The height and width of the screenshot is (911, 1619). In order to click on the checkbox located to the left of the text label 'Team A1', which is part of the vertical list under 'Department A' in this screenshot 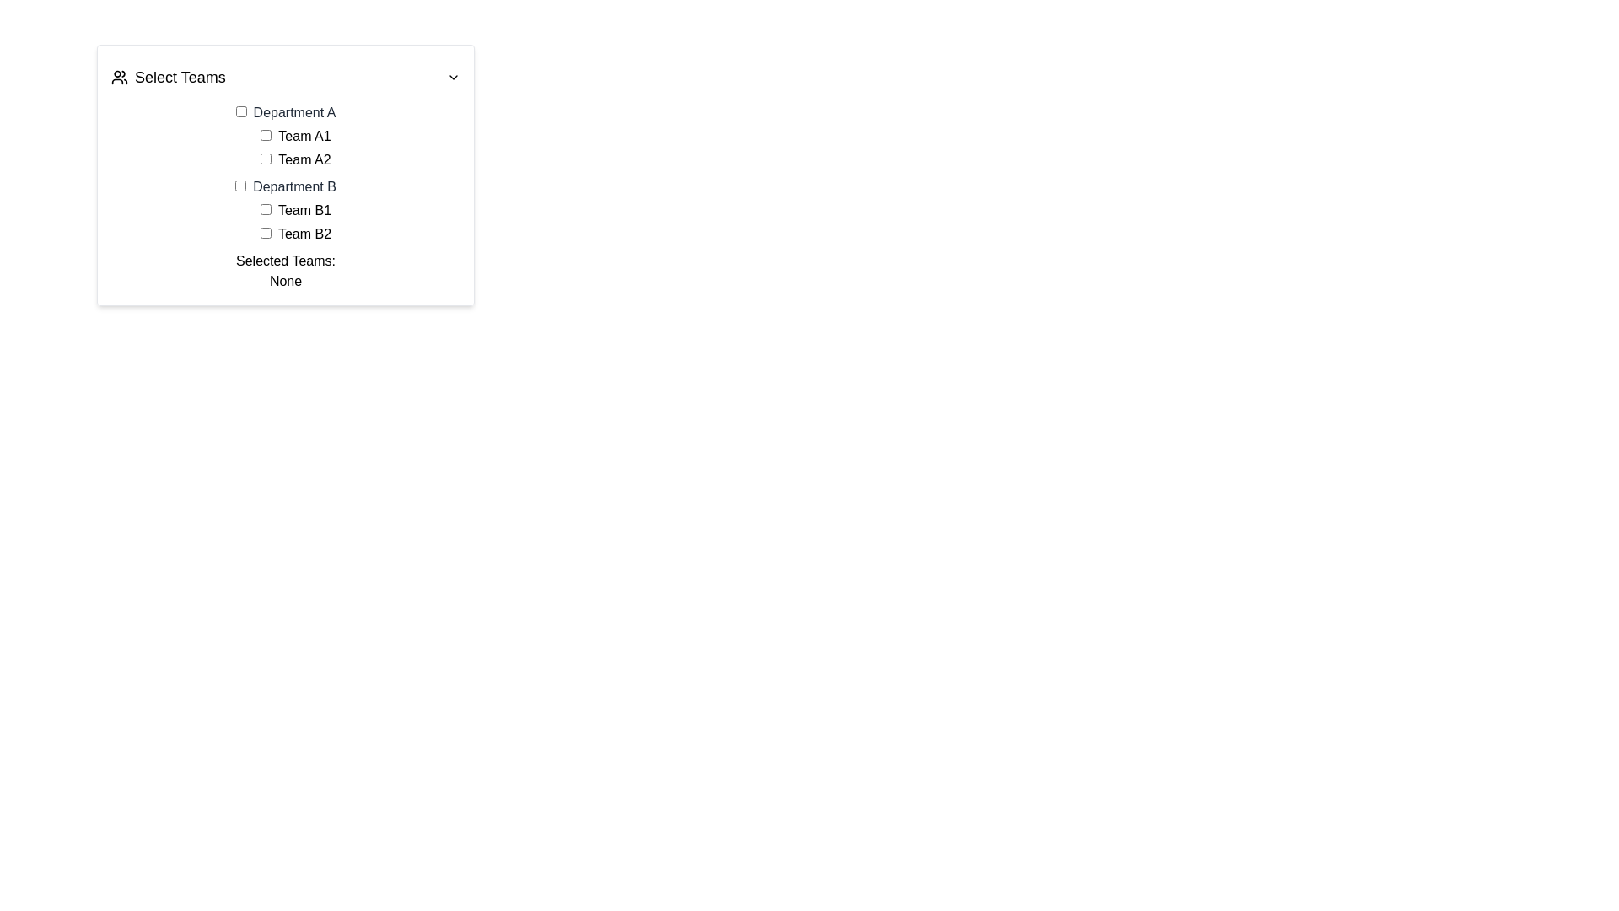, I will do `click(265, 134)`.